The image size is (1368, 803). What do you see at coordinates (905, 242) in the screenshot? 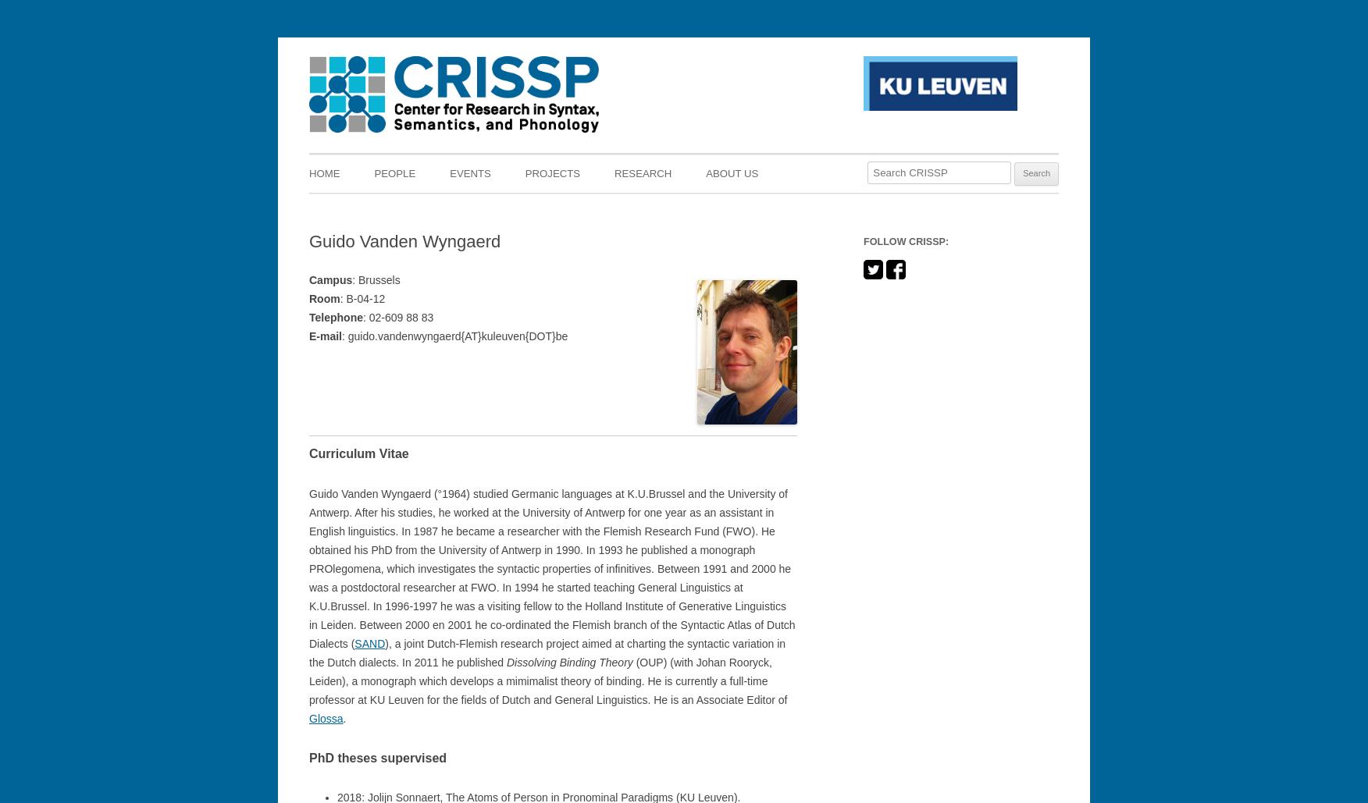
I see `'Follow CRISSP:'` at bounding box center [905, 242].